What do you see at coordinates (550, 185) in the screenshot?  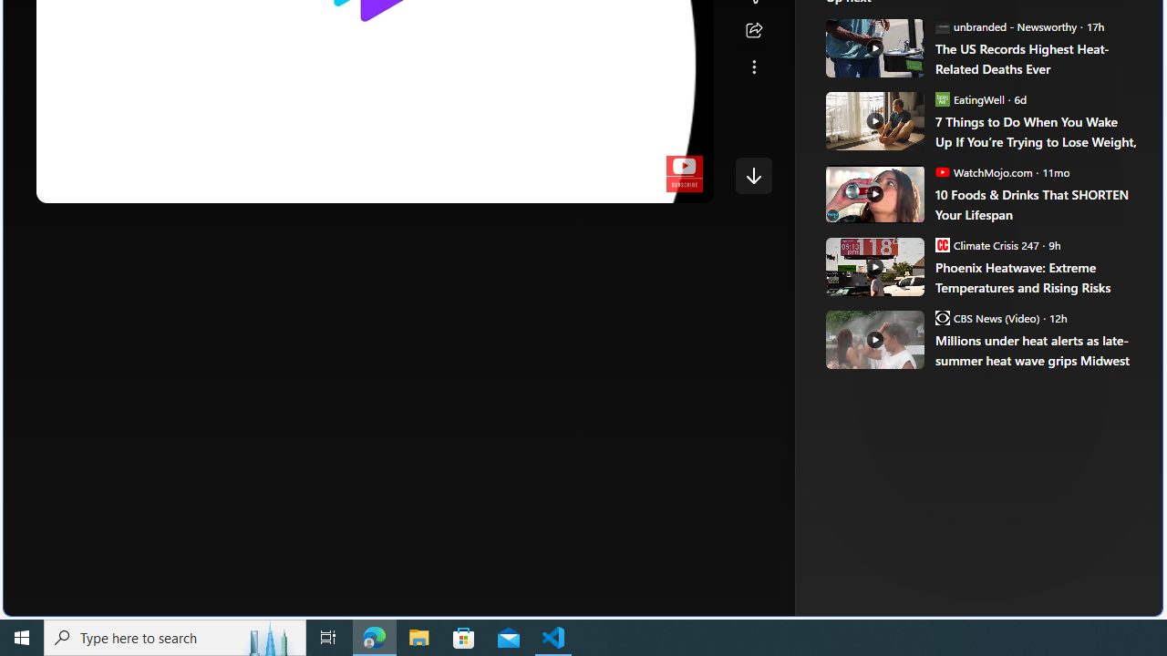 I see `'Subtitles/closed captions unavailable'` at bounding box center [550, 185].